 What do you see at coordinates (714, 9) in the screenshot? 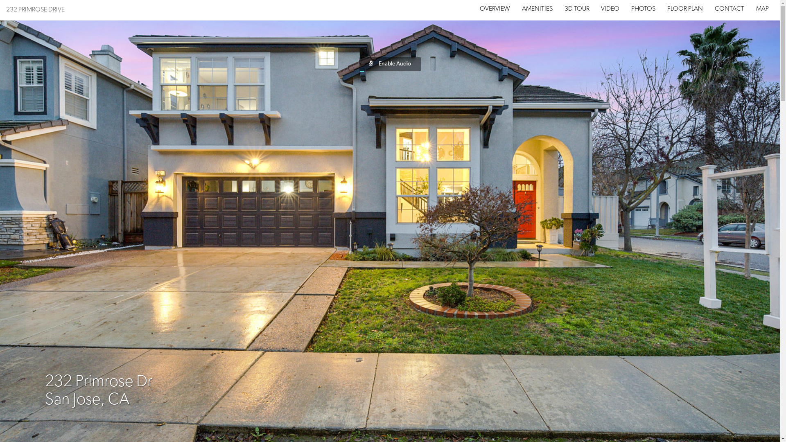
I see `'CONTACT'` at bounding box center [714, 9].